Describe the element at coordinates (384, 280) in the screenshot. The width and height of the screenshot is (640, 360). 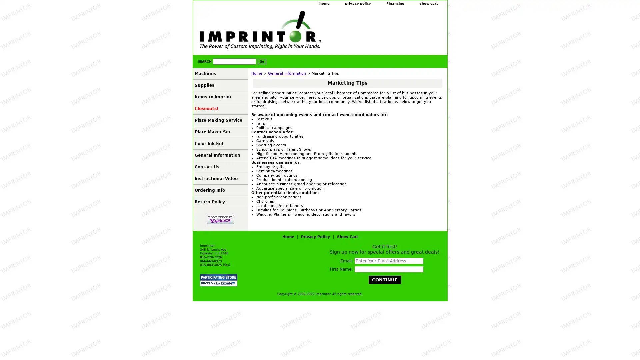
I see `Continue` at that location.